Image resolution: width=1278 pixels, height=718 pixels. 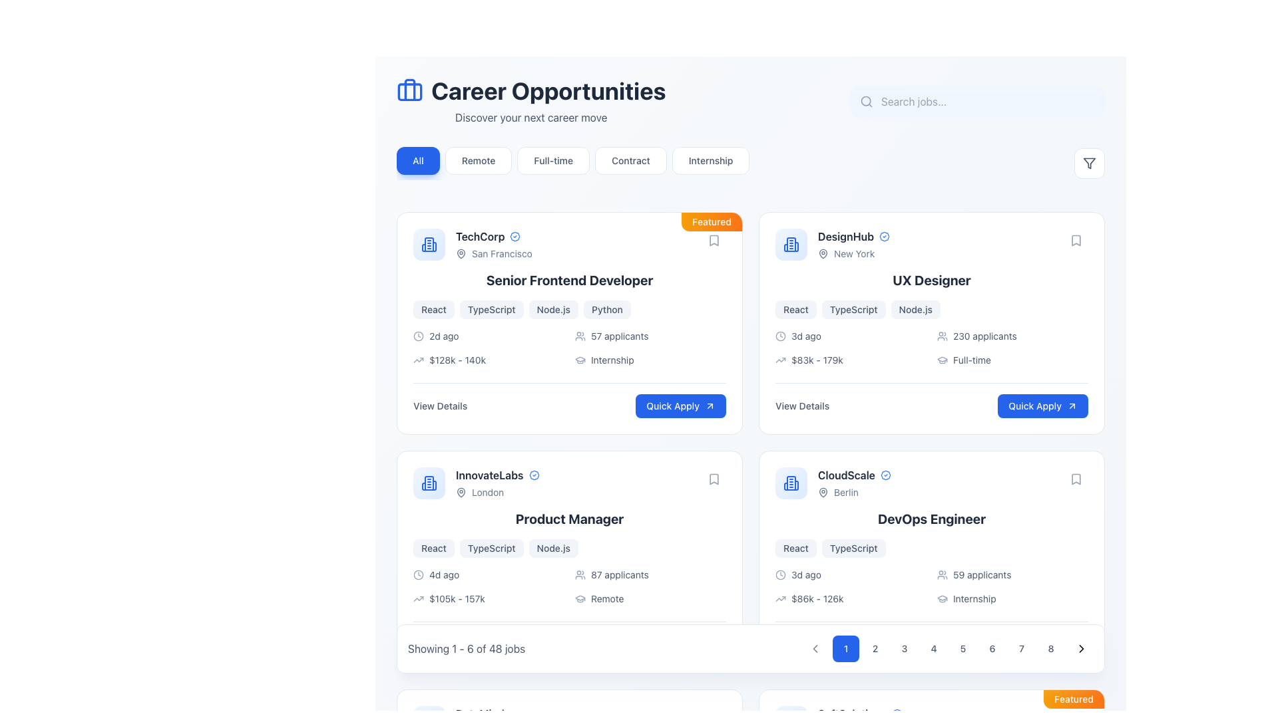 I want to click on the blue briefcase icon located to the left of the 'Career Opportunities' header text, which features a rounded handle and smooth edges, symbolizing career or professional opportunities, so click(x=409, y=90).